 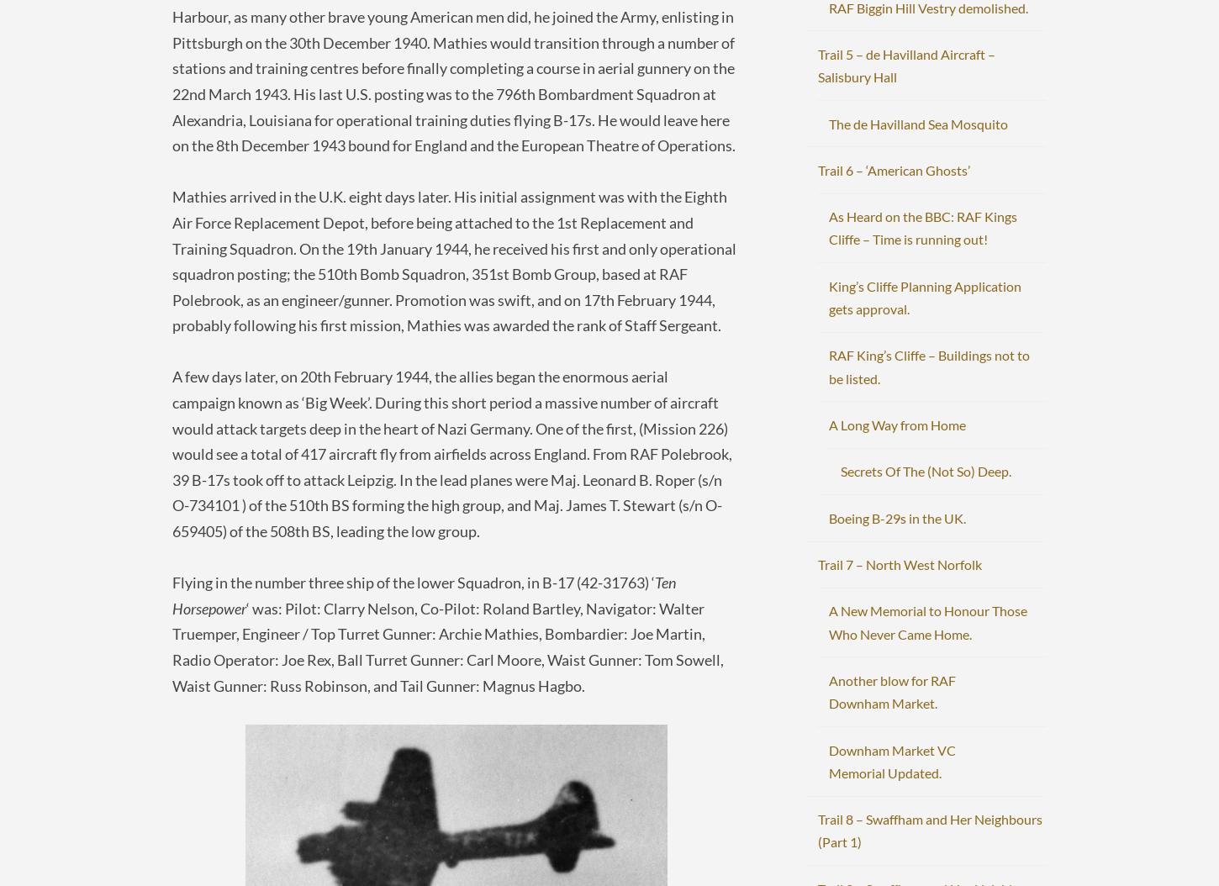 What do you see at coordinates (829, 423) in the screenshot?
I see `'A Long Way from Home'` at bounding box center [829, 423].